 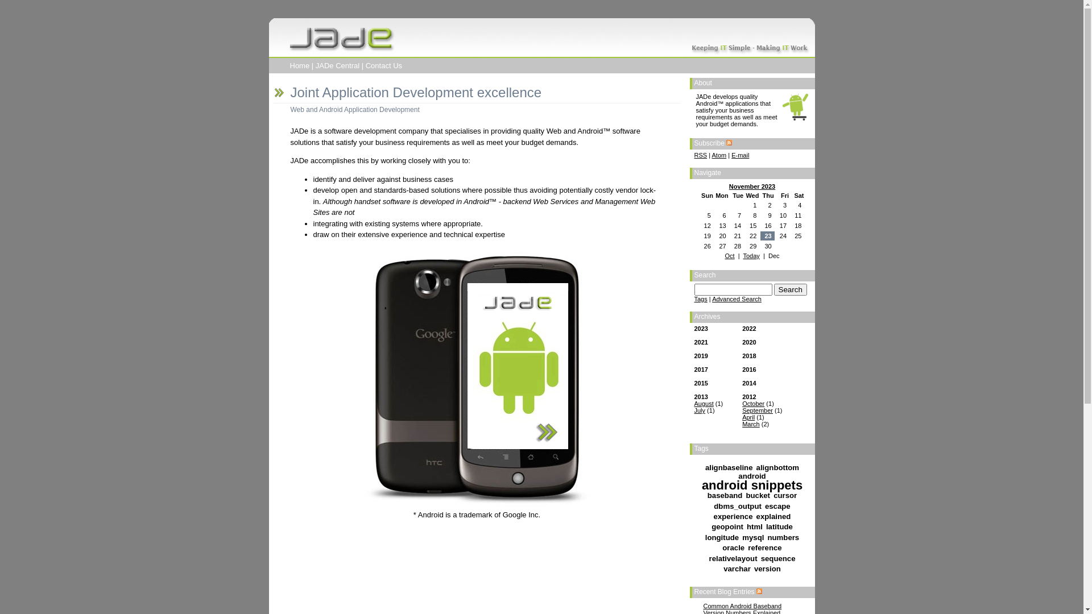 I want to click on 'Joint Application Development excellence', so click(x=415, y=92).